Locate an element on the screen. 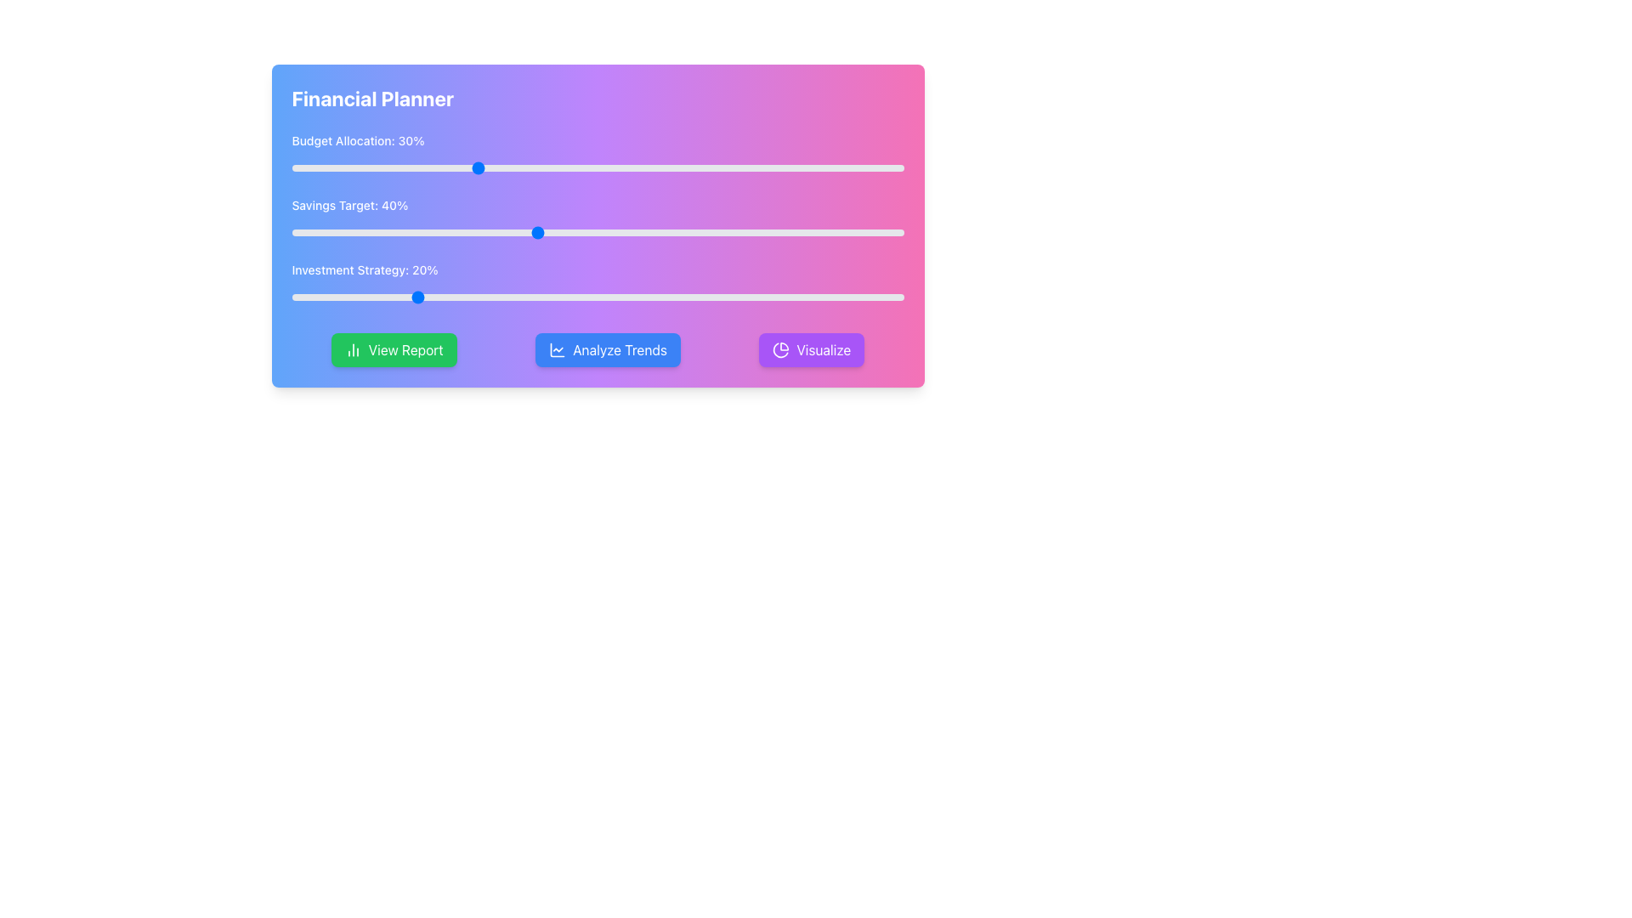  the budget allocation slider is located at coordinates (486, 167).